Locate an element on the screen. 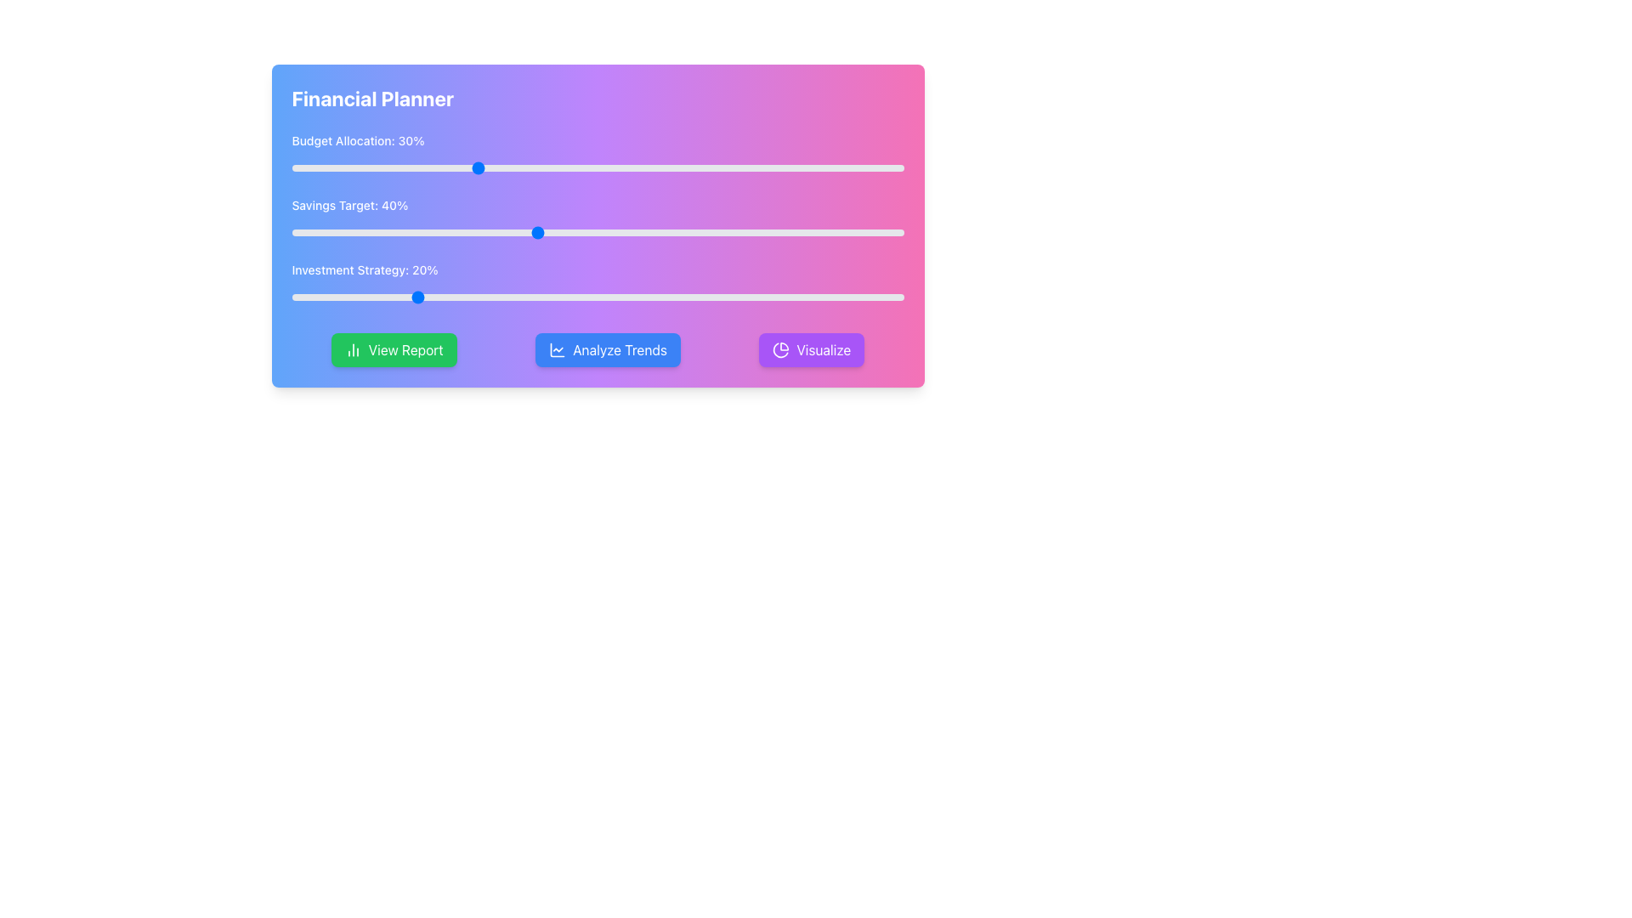  the budget allocation slider is located at coordinates (486, 167).